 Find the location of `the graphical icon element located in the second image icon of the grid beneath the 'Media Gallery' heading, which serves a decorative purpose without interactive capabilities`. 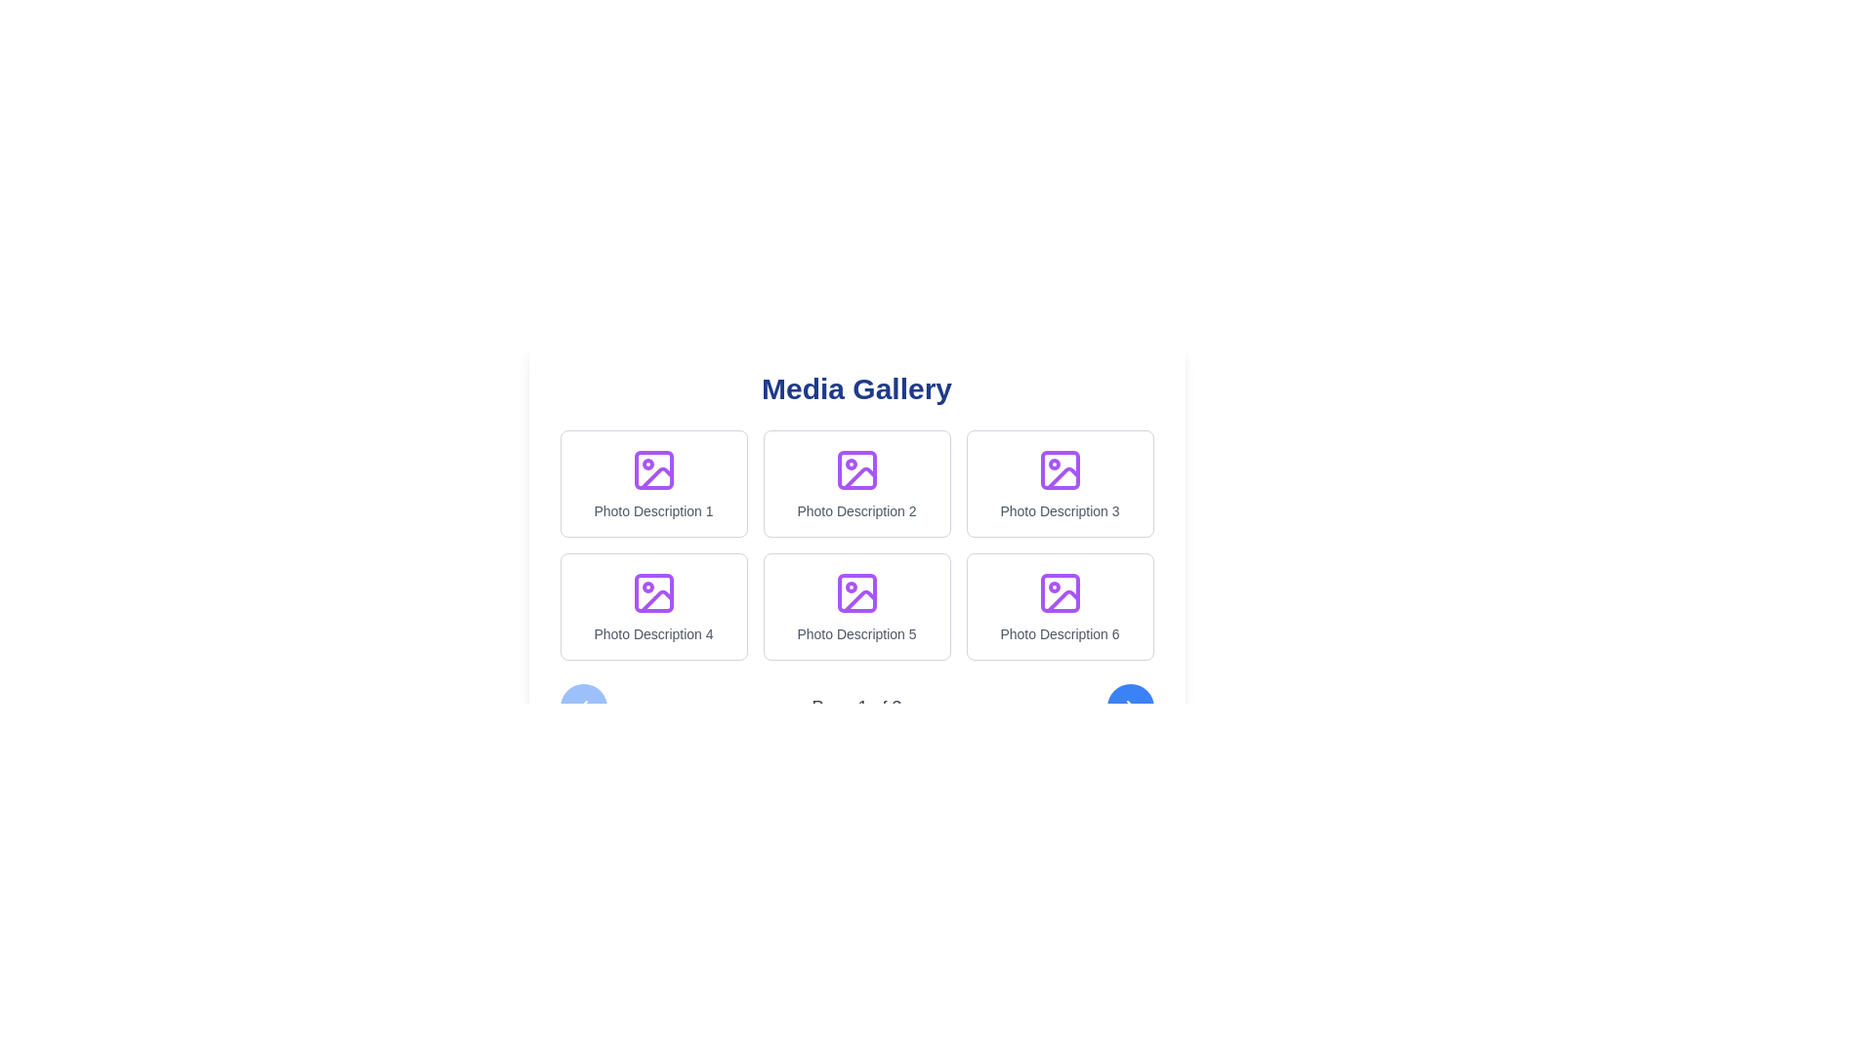

the graphical icon element located in the second image icon of the grid beneath the 'Media Gallery' heading, which serves a decorative purpose without interactive capabilities is located at coordinates (859, 478).